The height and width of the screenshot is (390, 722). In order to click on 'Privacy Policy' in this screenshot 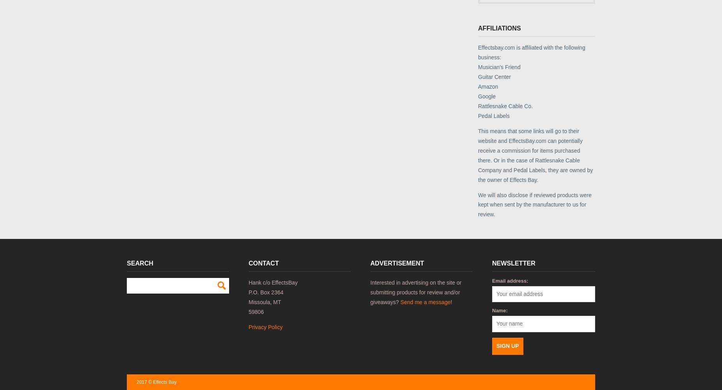, I will do `click(265, 326)`.